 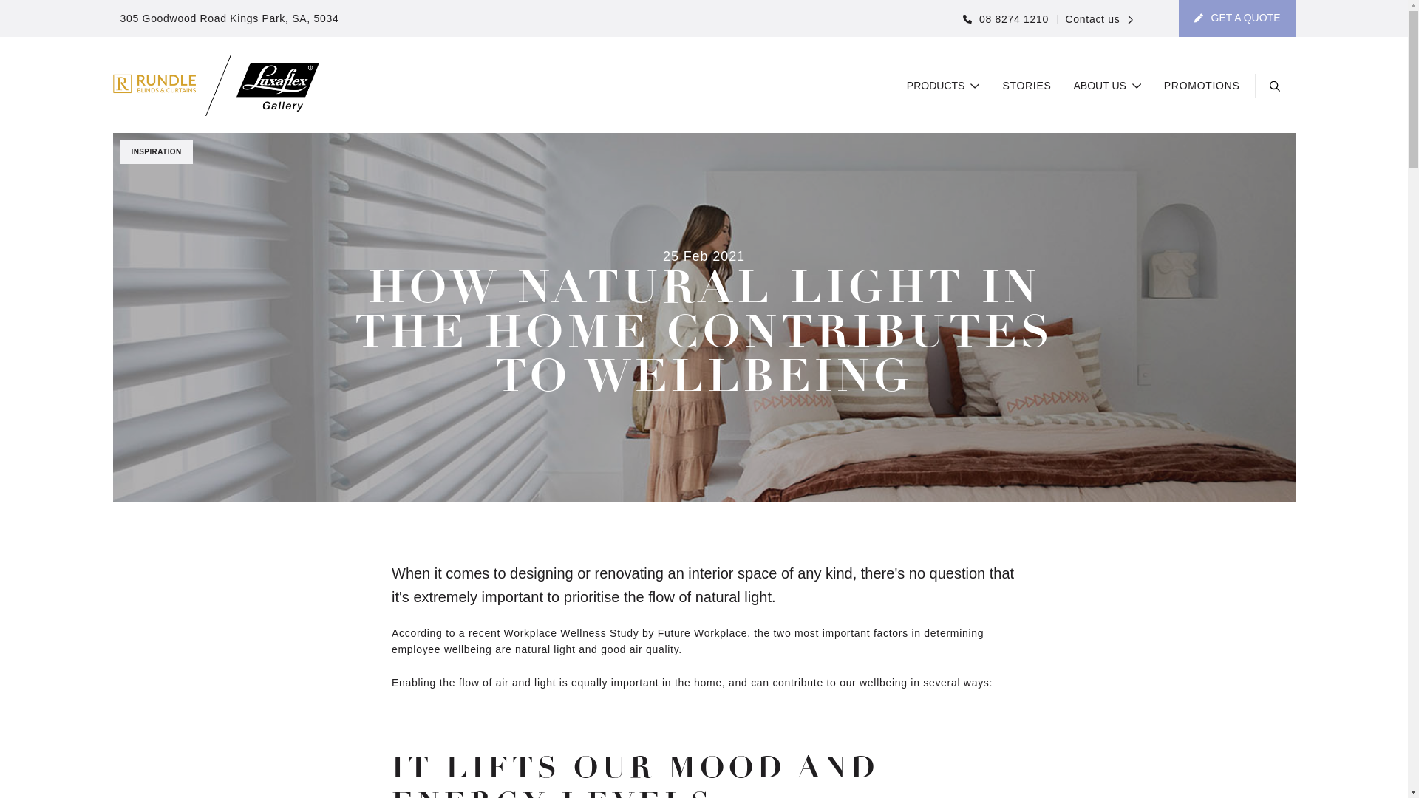 I want to click on 'Workplace Wellness Study by Future Workplace', so click(x=625, y=632).